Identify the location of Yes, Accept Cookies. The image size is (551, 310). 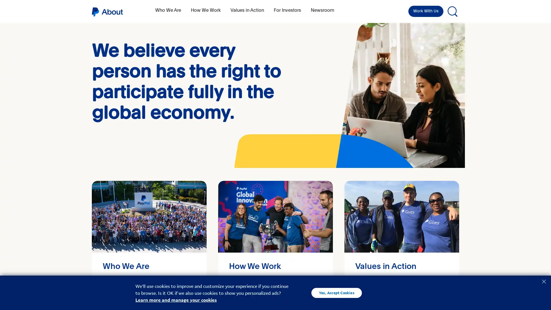
(336, 292).